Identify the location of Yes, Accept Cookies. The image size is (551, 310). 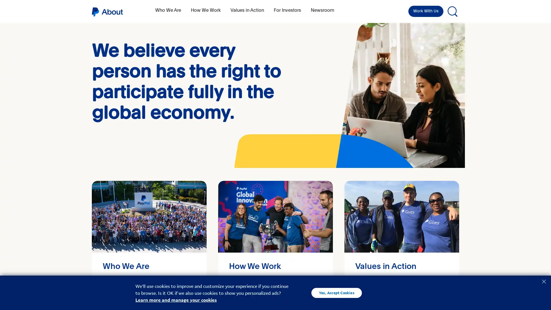
(336, 292).